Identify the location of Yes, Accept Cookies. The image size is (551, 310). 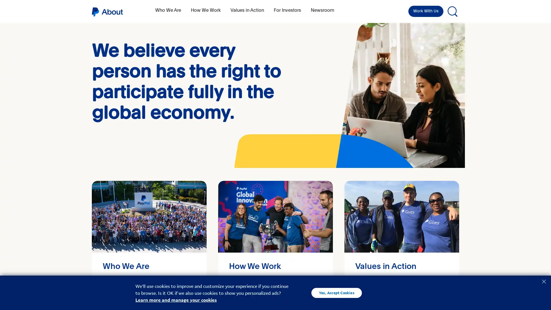
(336, 292).